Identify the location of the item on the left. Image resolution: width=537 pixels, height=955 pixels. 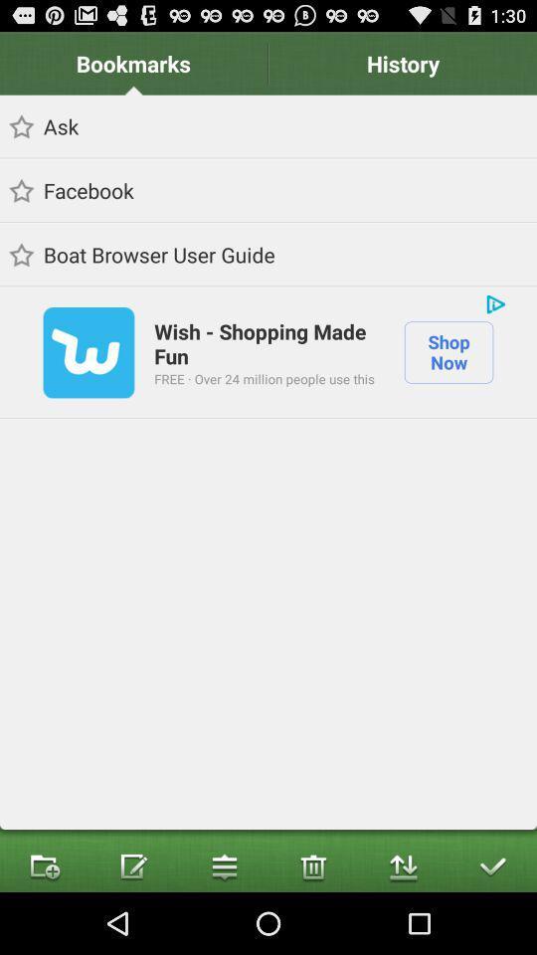
(88, 352).